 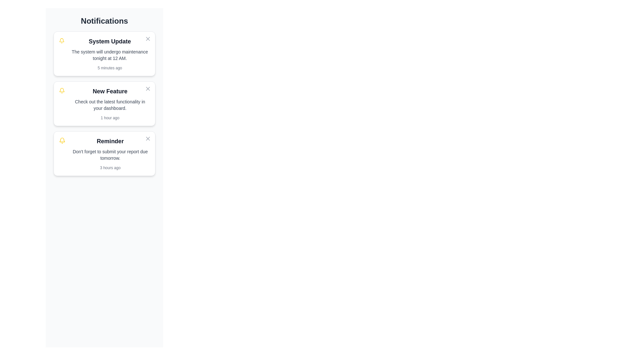 I want to click on the small gray 'X' close button located in the upper-right corner of the 'New Feature' notification box, so click(x=148, y=88).